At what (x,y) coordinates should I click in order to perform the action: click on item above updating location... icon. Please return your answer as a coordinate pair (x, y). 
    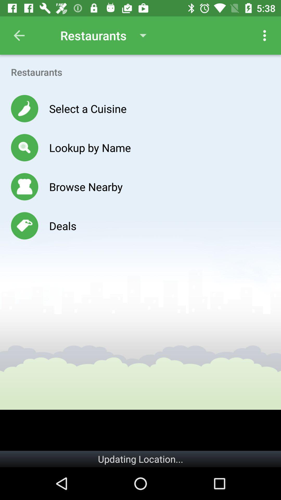
    Looking at the image, I should click on (140, 430).